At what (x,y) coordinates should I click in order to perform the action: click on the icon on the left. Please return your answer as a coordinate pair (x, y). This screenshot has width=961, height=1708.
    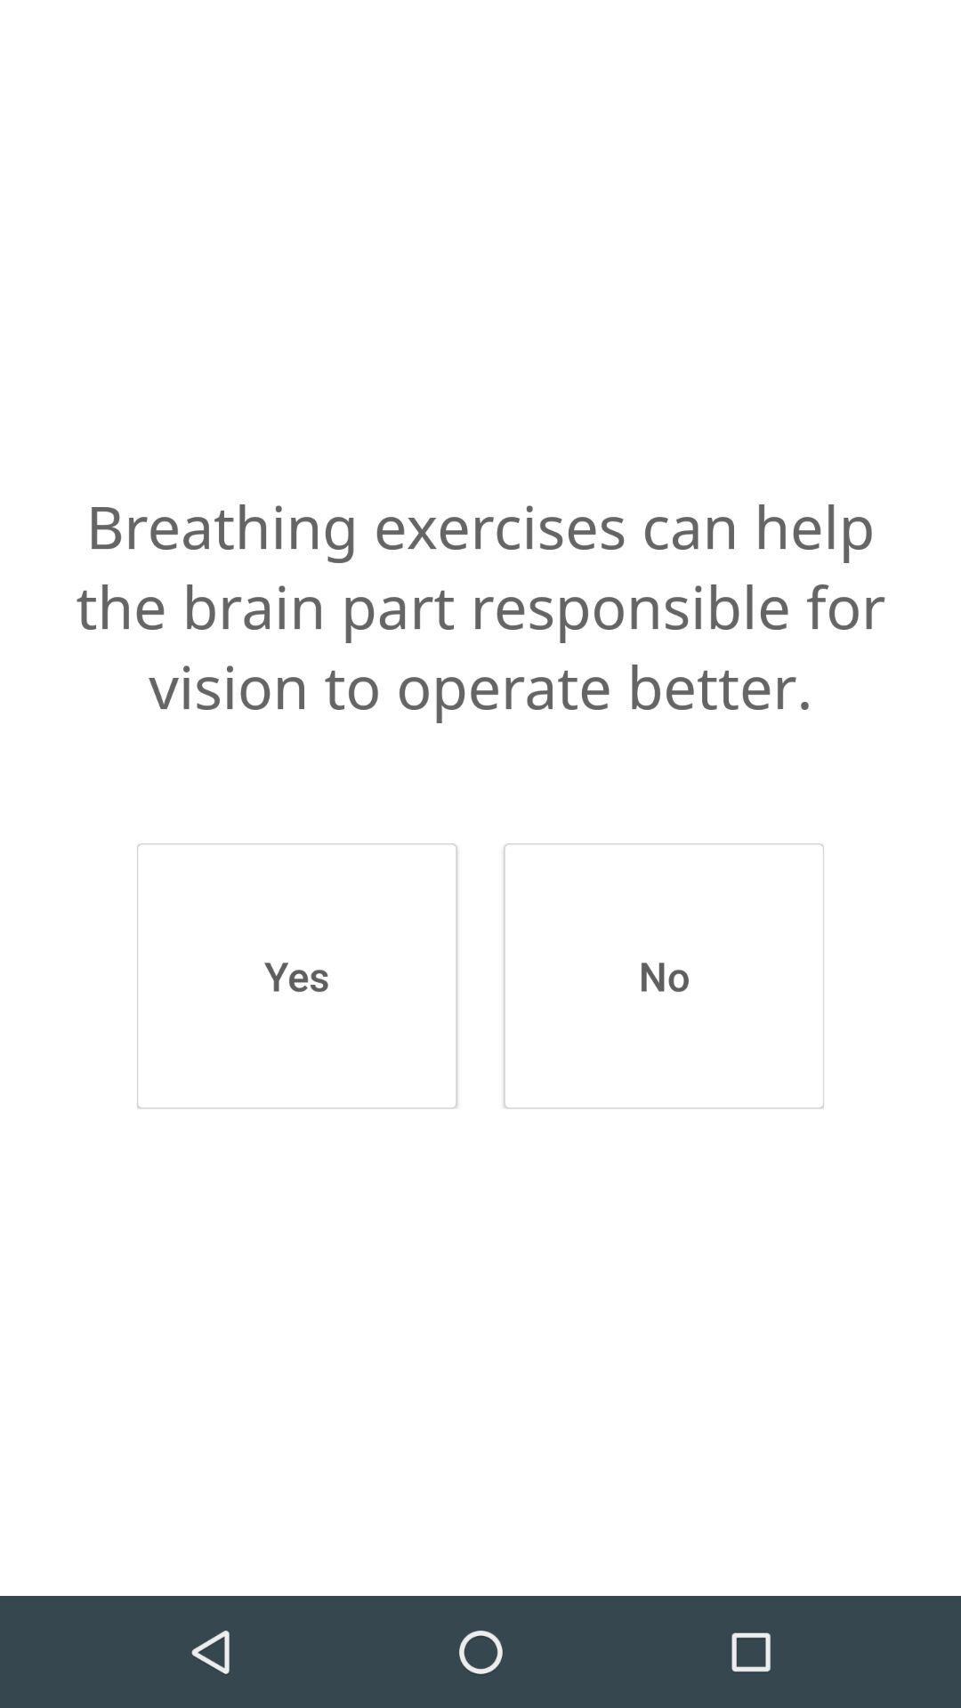
    Looking at the image, I should click on (295, 975).